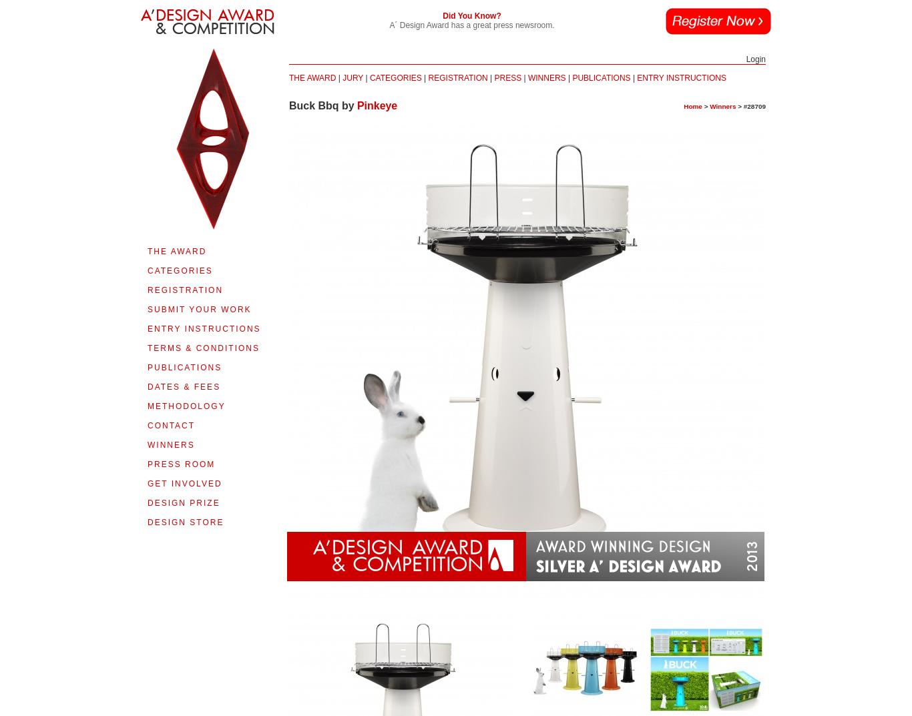 Image resolution: width=912 pixels, height=716 pixels. What do you see at coordinates (471, 24) in the screenshot?
I see `'A´ Design Award has a great press newsroom.'` at bounding box center [471, 24].